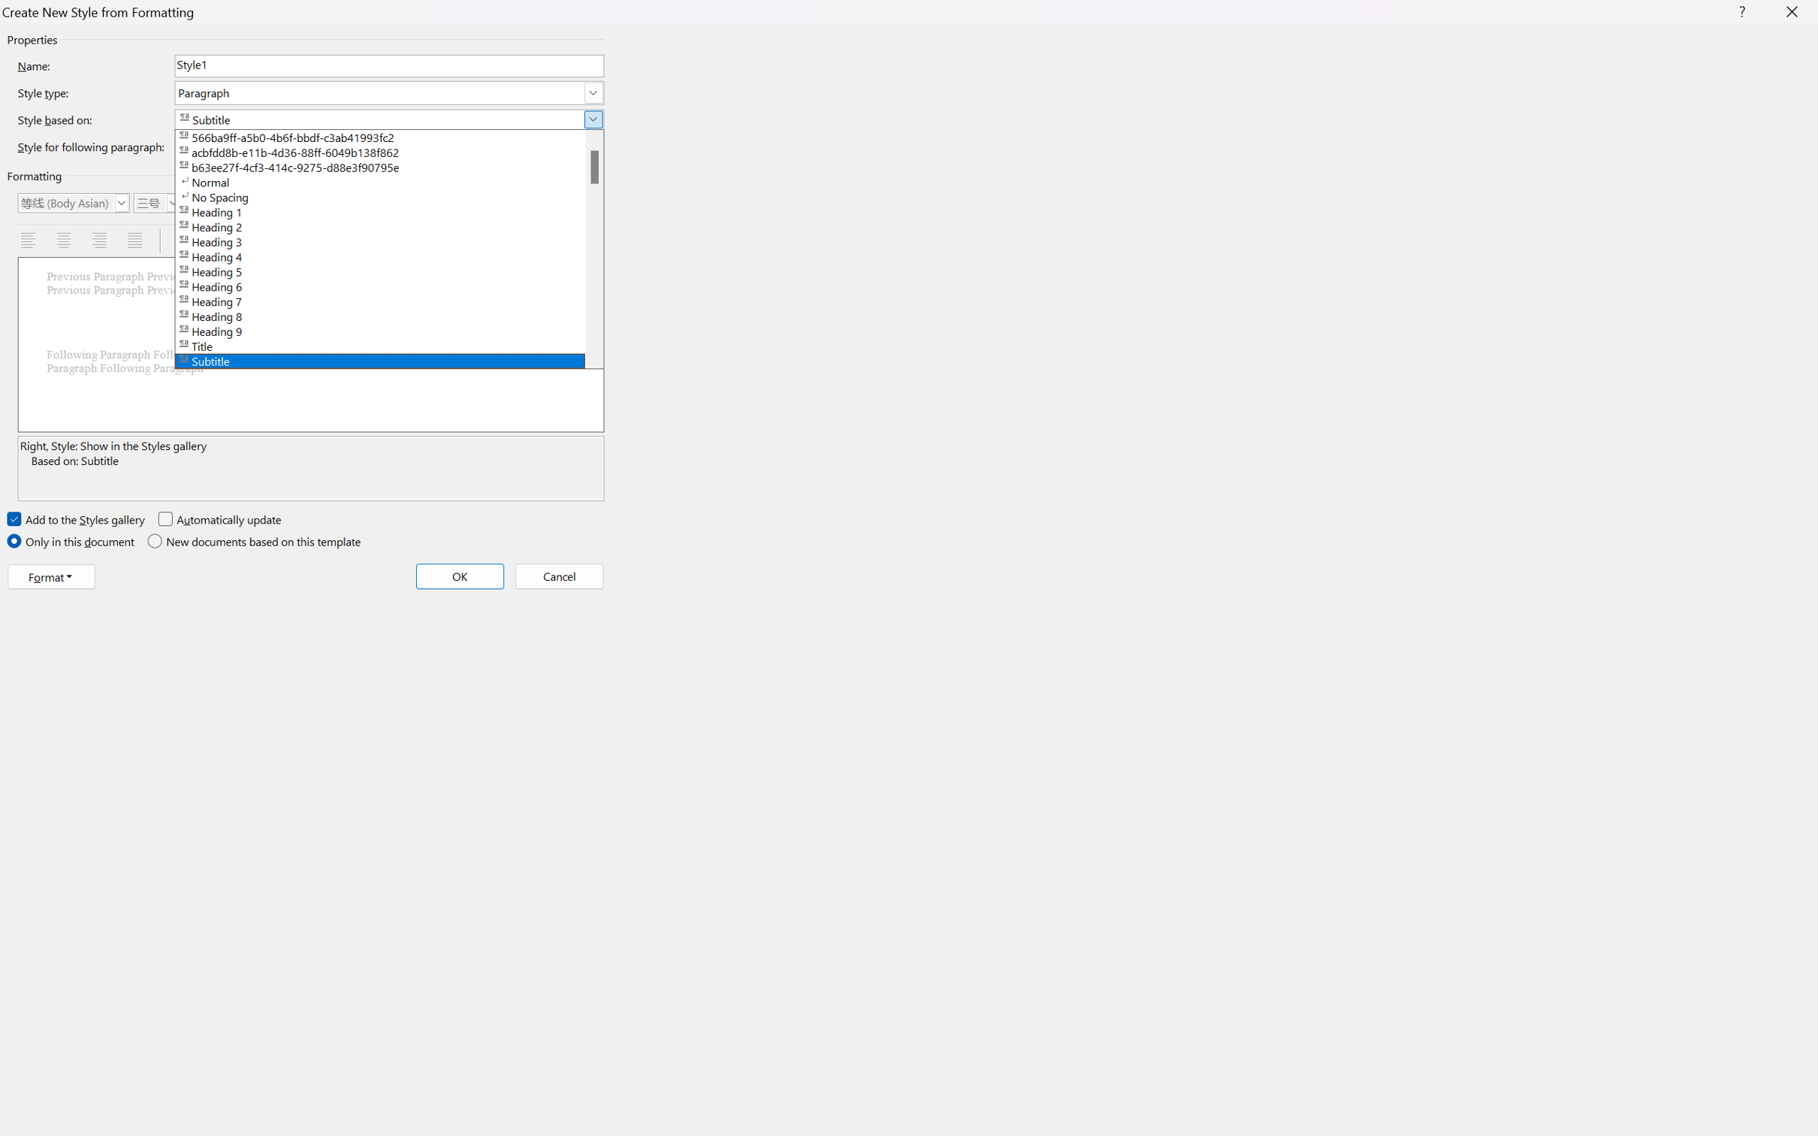  I want to click on 'Align Right', so click(100, 240).